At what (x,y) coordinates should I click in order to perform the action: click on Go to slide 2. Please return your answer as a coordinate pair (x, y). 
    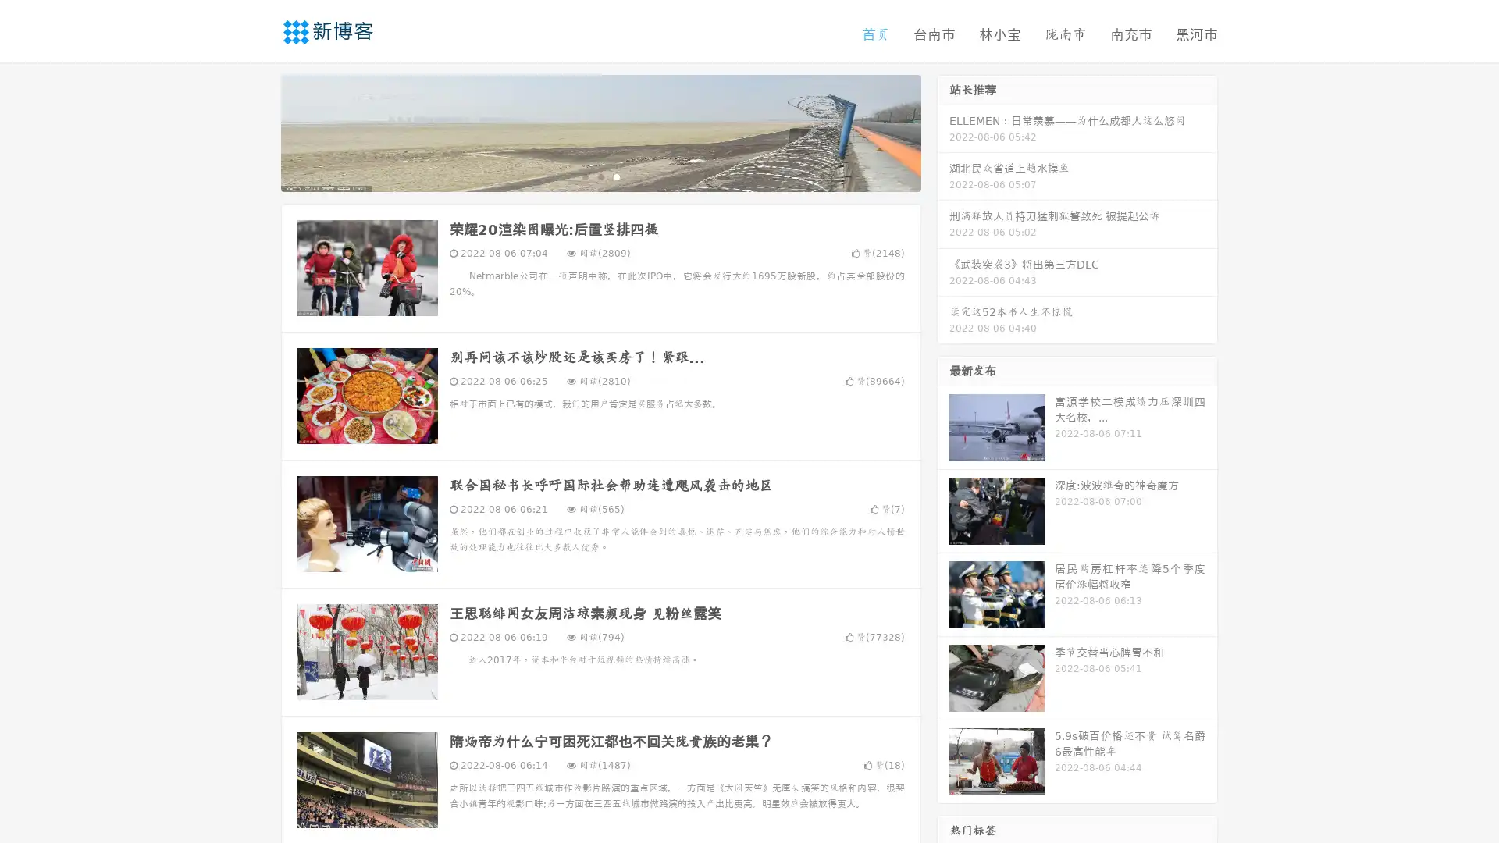
    Looking at the image, I should click on (600, 176).